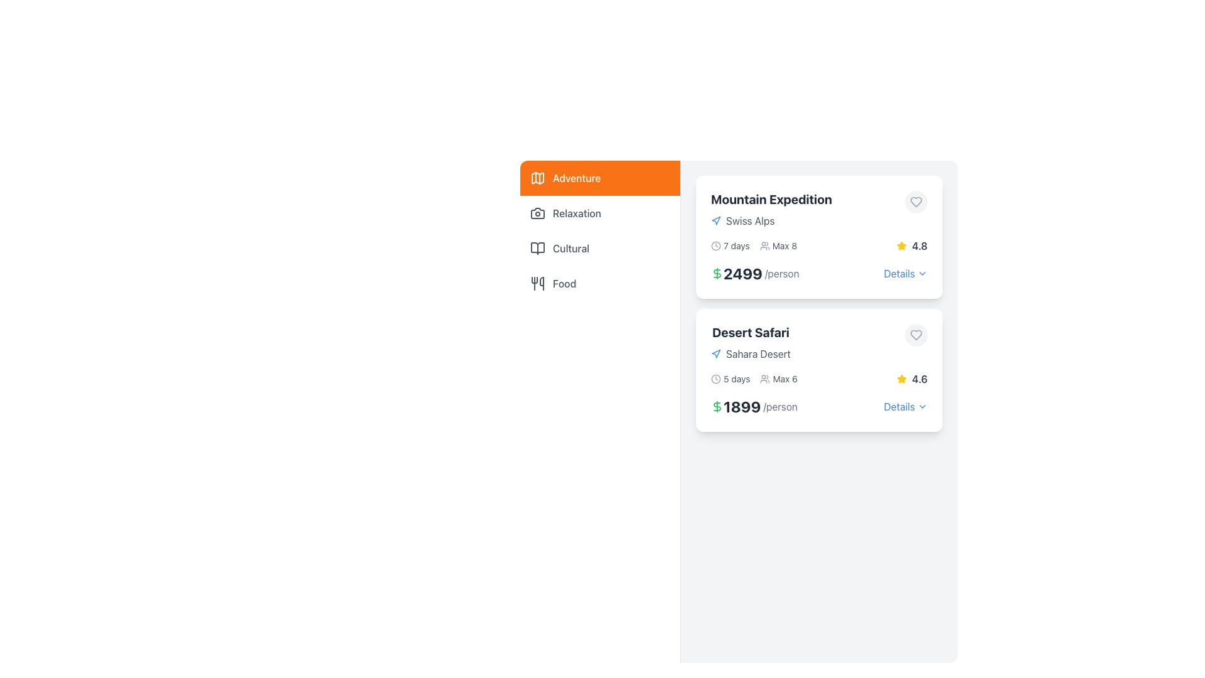 The width and height of the screenshot is (1205, 678). Describe the element at coordinates (750, 220) in the screenshot. I see `the Text label displaying the destination name for the Mountain Expedition listing, which is positioned to the right of a navigation icon` at that location.